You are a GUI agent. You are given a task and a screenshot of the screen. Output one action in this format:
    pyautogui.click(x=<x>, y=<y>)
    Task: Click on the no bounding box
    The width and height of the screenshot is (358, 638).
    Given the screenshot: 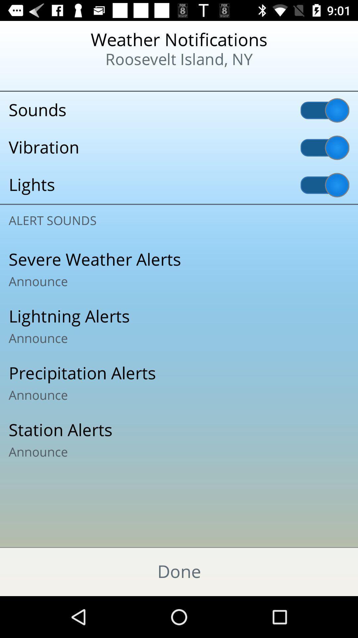 What is the action you would take?
    pyautogui.click(x=179, y=383)
    